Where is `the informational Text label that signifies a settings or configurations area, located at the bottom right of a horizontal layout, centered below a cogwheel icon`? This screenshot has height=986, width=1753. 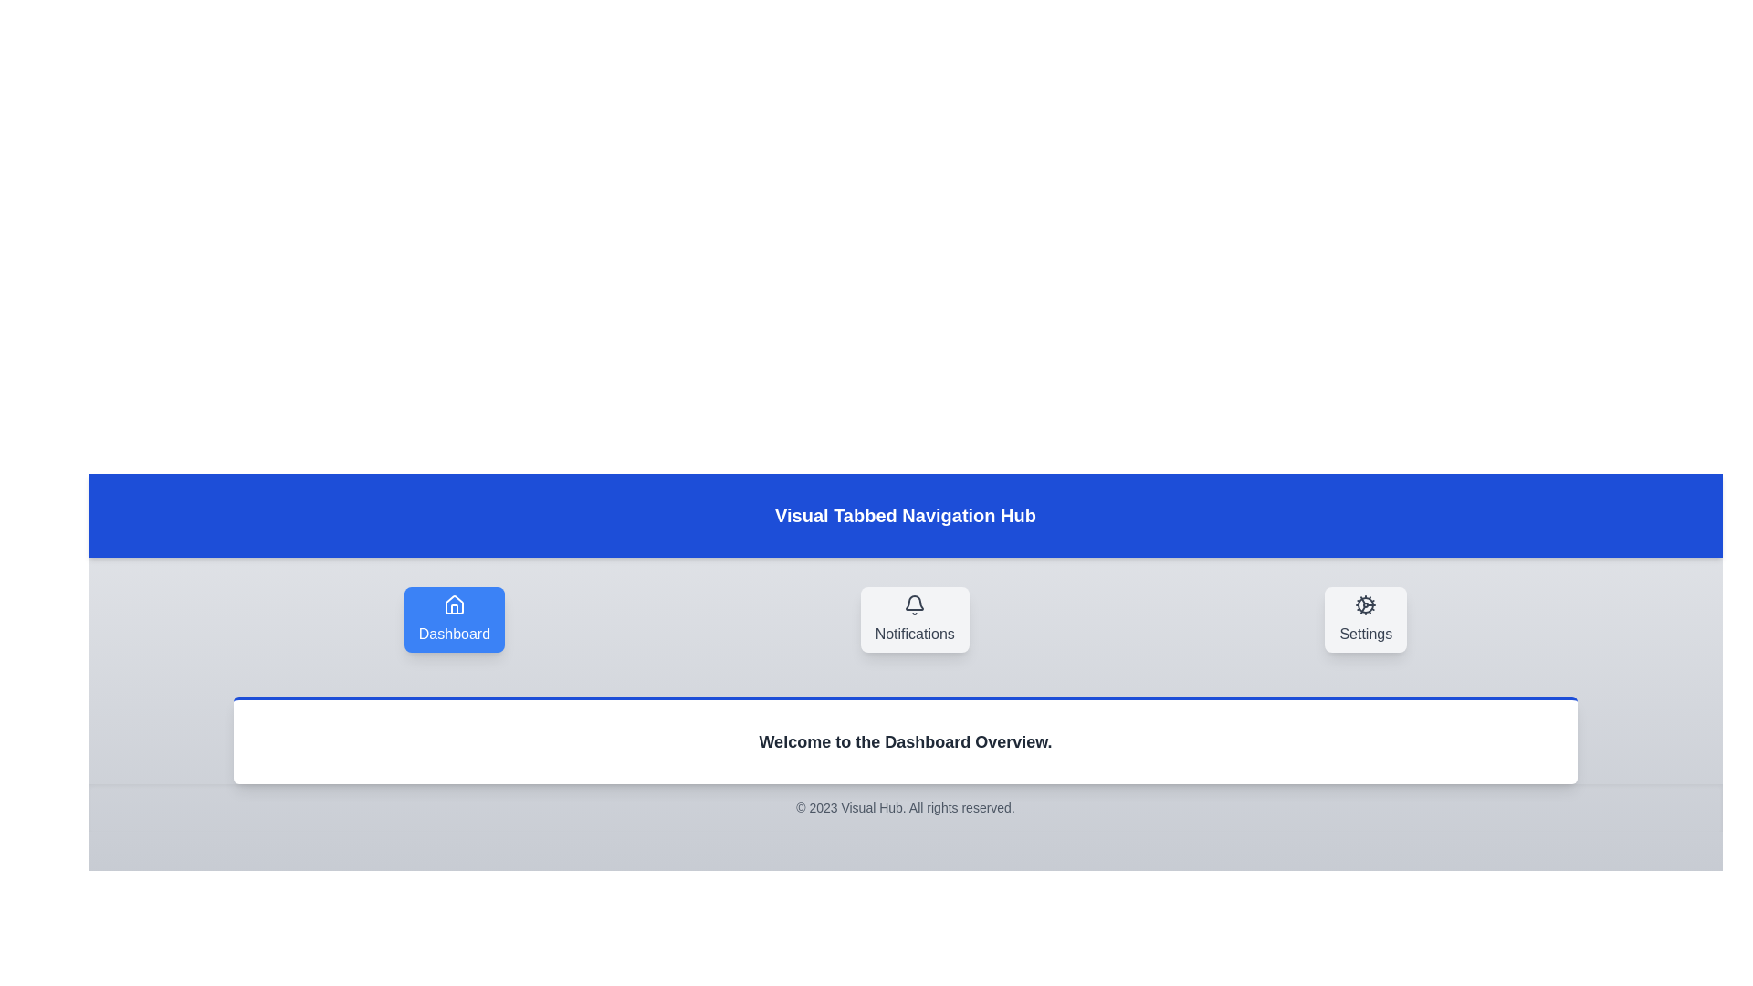 the informational Text label that signifies a settings or configurations area, located at the bottom right of a horizontal layout, centered below a cogwheel icon is located at coordinates (1366, 633).